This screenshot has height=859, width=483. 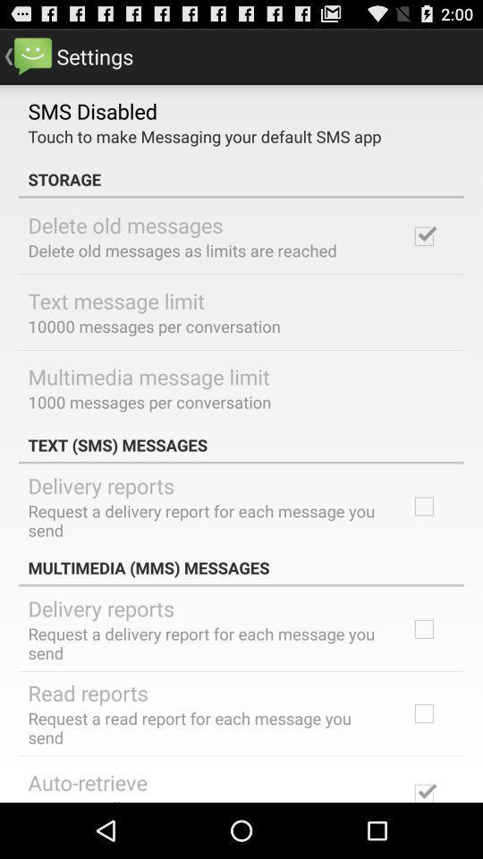 I want to click on the storage icon, so click(x=241, y=179).